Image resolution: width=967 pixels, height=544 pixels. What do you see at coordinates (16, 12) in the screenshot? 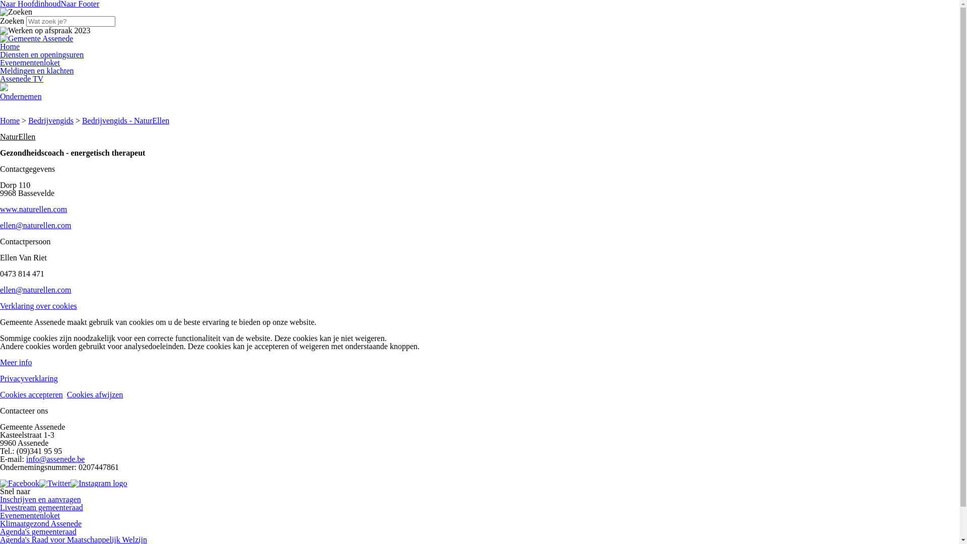
I see `'Zoeken'` at bounding box center [16, 12].